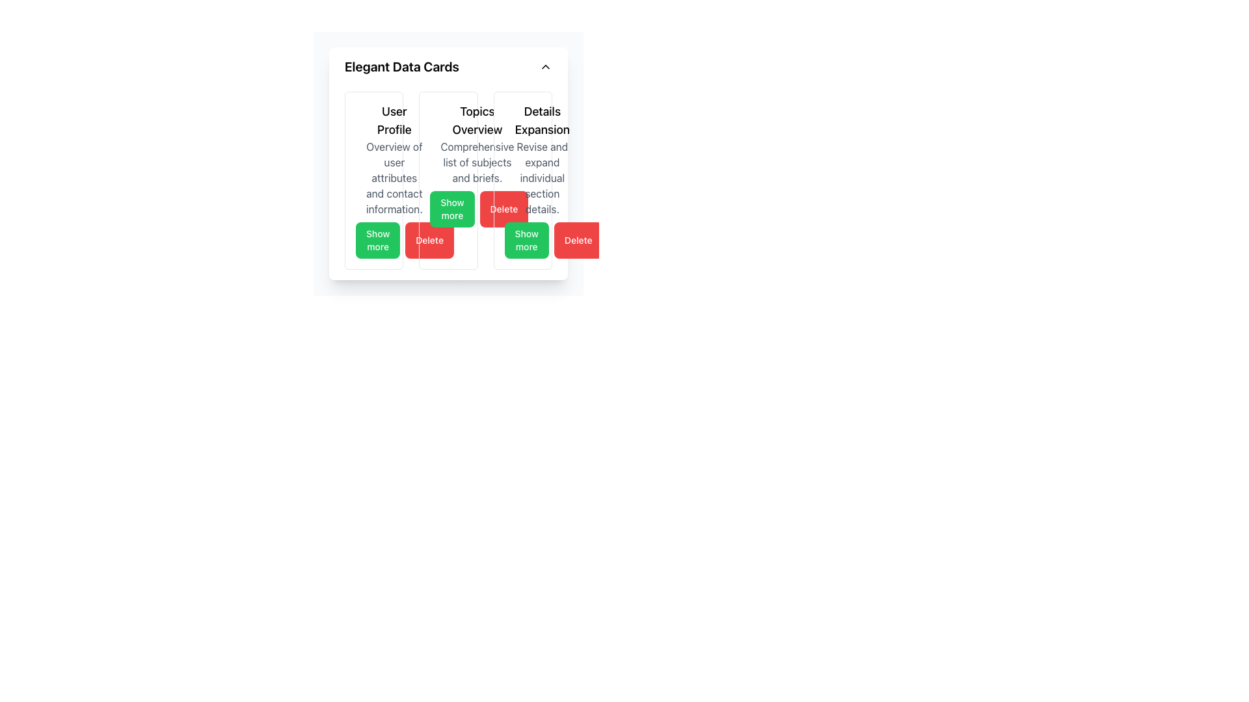  Describe the element at coordinates (542, 120) in the screenshot. I see `the 'Details Expansion' static text label, which is styled with a larger, bold font and located at the top of the third column in a three-column layout` at that location.